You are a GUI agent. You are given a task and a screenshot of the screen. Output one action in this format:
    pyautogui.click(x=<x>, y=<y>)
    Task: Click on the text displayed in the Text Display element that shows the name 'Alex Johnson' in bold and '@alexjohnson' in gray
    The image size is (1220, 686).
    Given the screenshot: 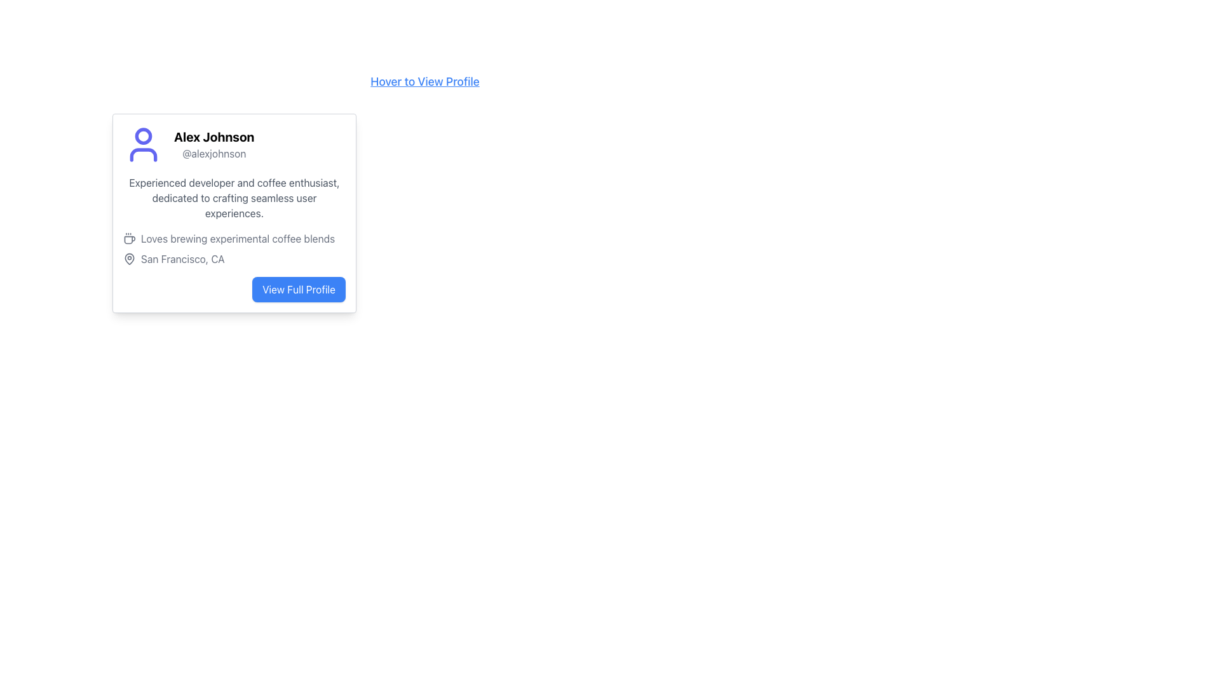 What is the action you would take?
    pyautogui.click(x=214, y=144)
    